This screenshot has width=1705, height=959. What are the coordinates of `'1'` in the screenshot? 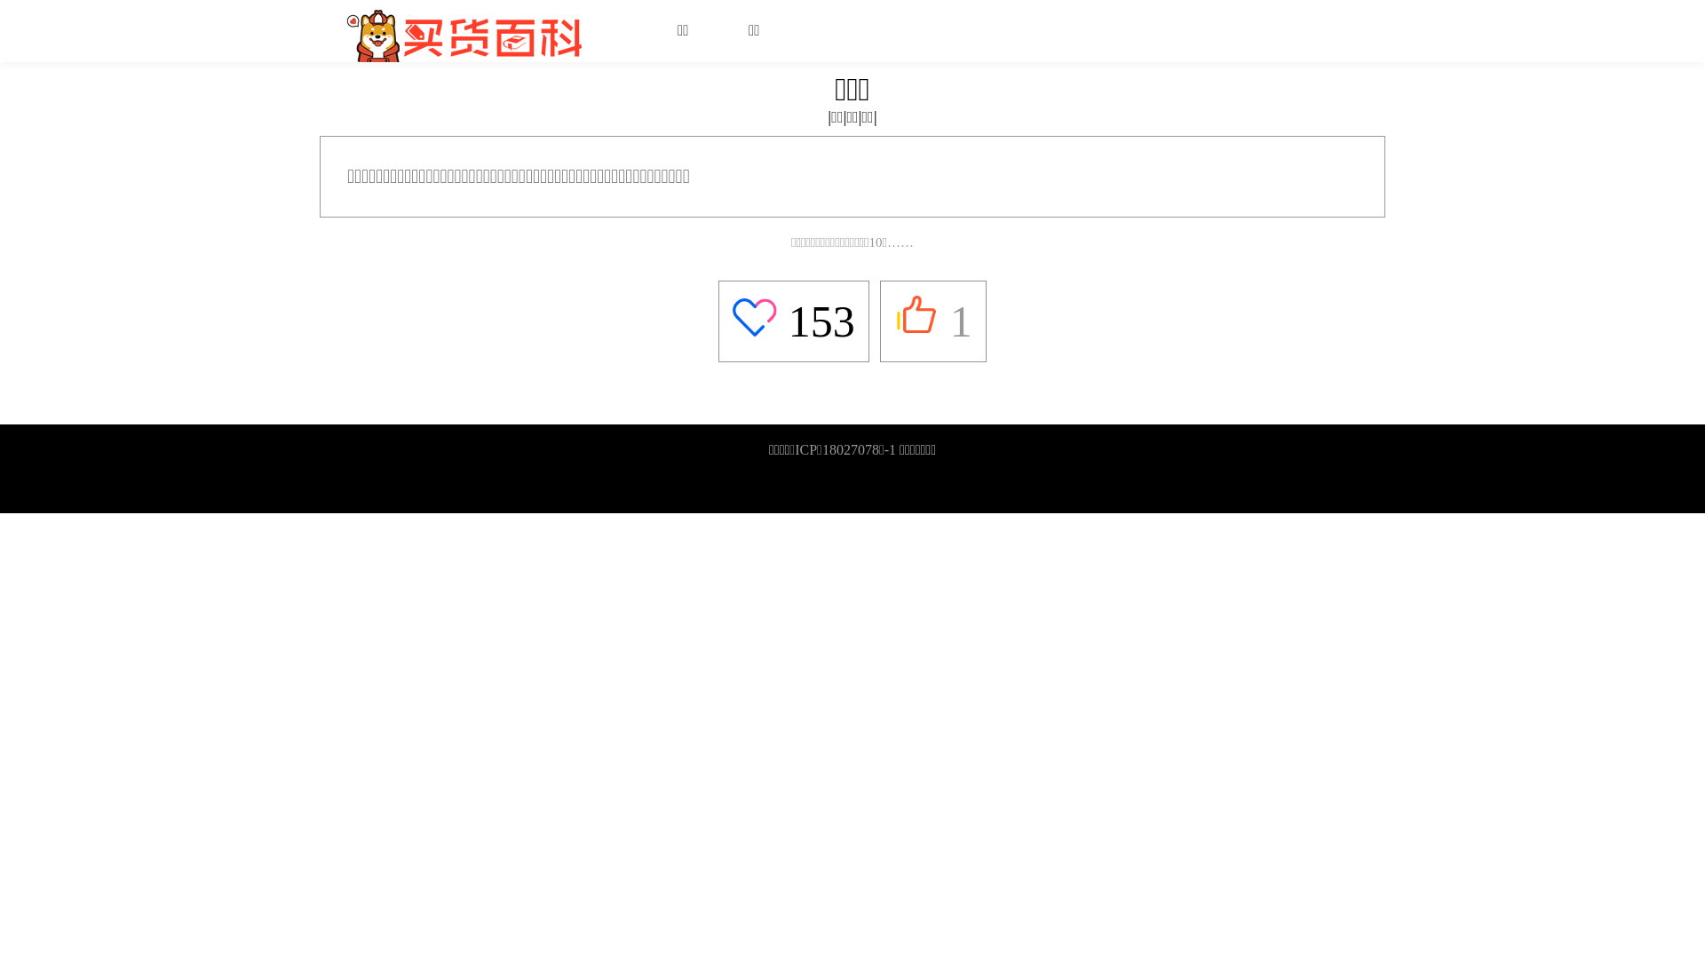 It's located at (932, 321).